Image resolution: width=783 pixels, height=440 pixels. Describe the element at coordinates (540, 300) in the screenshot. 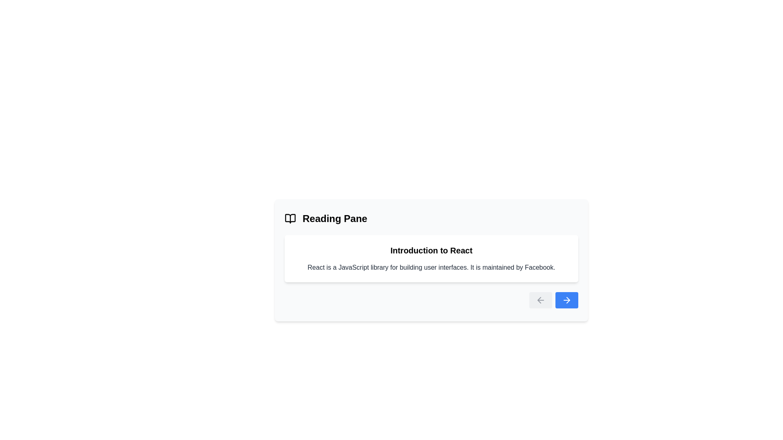

I see `the first button in the bottom-right section of the interface` at that location.